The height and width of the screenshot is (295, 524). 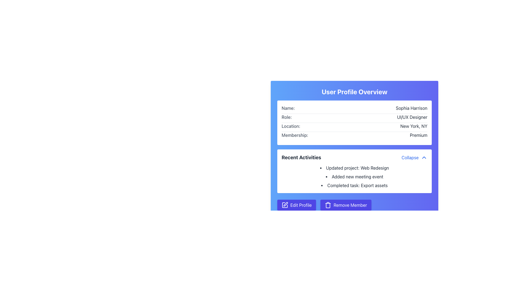 I want to click on the Text Label that indicates the user's location, which is part of the user profile details and is positioned to the left of the value 'New York, NY', so click(x=291, y=126).